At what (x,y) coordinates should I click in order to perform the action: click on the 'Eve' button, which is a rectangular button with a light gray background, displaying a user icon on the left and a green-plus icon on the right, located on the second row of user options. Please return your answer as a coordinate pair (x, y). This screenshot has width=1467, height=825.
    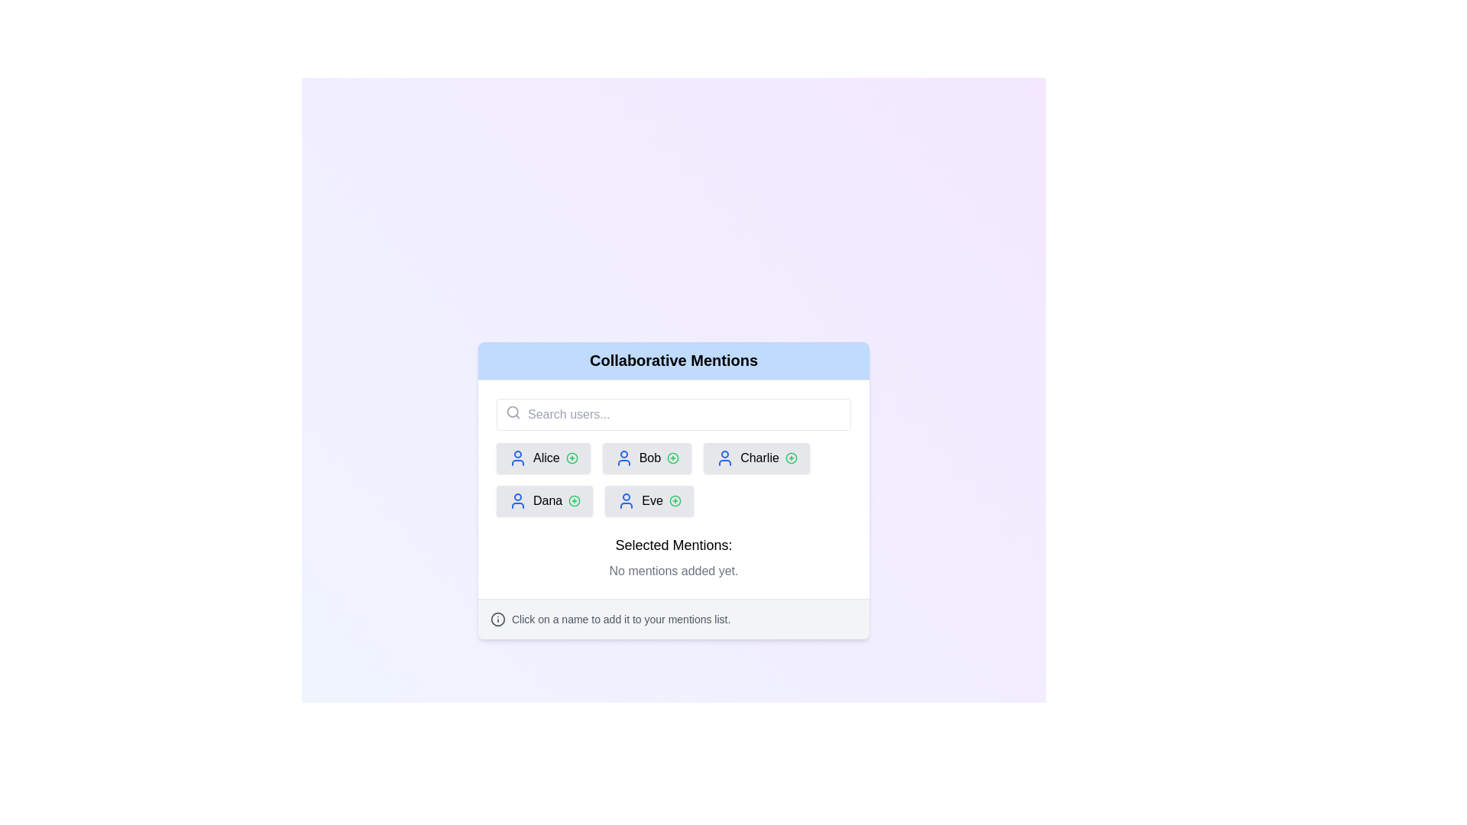
    Looking at the image, I should click on (649, 500).